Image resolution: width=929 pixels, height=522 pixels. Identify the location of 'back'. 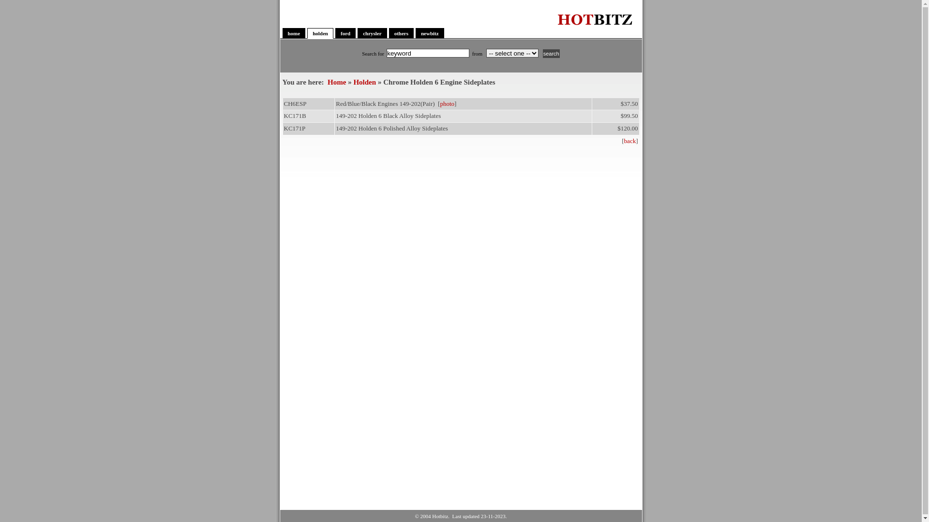
(630, 141).